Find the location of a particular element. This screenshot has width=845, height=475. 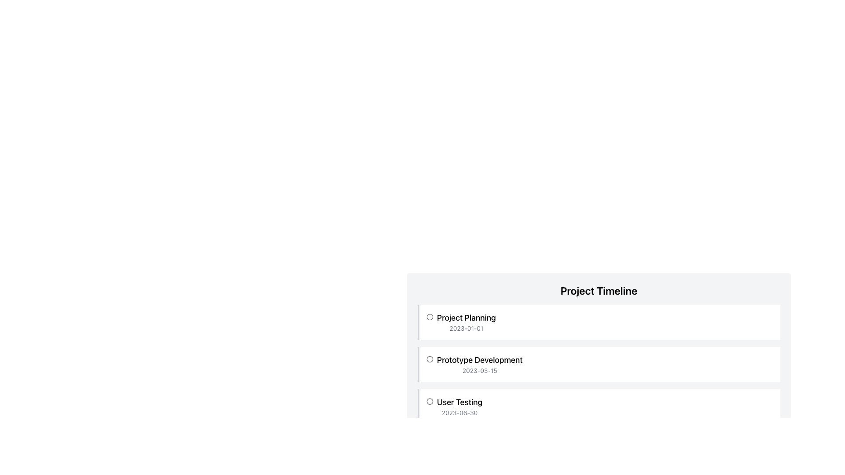

the text label 'Project Planning' located under the heading 'Project Timeline' is located at coordinates (466, 318).